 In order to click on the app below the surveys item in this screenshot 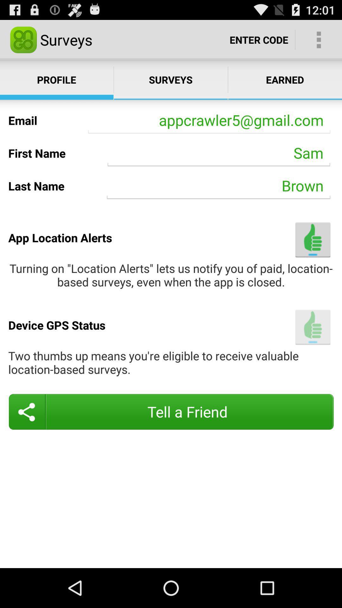, I will do `click(209, 120)`.